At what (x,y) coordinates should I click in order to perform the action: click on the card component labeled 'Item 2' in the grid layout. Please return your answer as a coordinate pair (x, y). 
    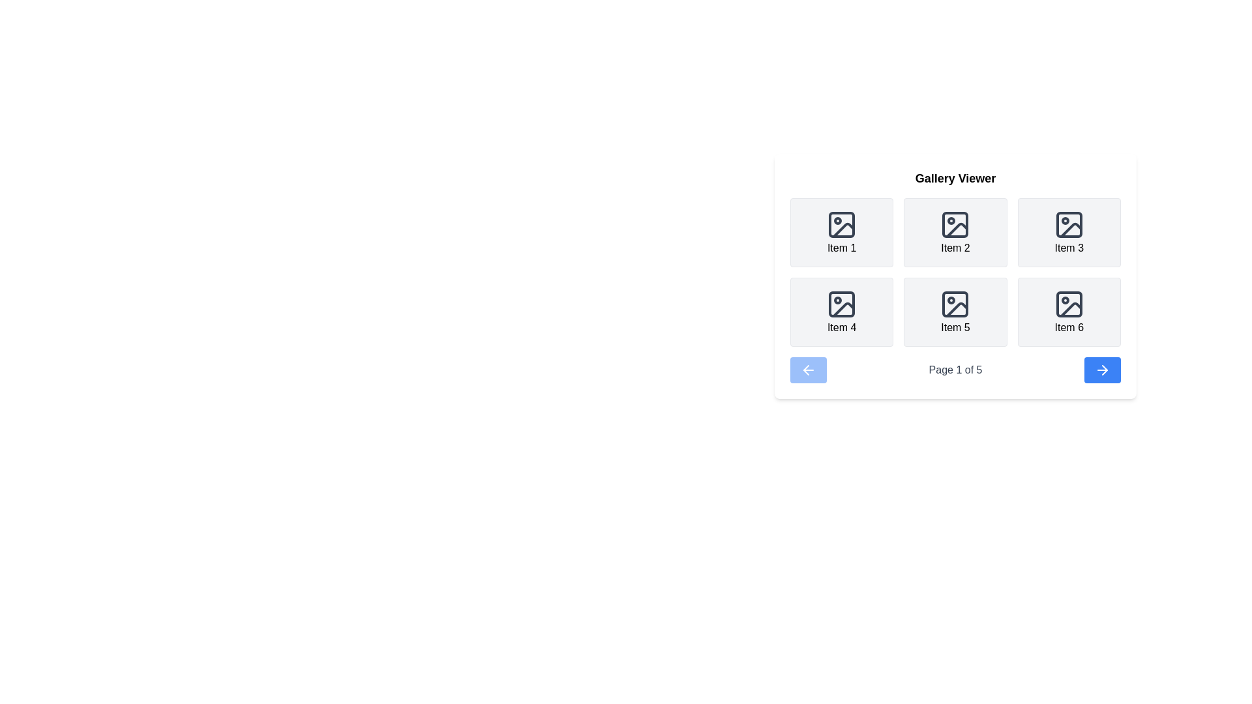
    Looking at the image, I should click on (955, 232).